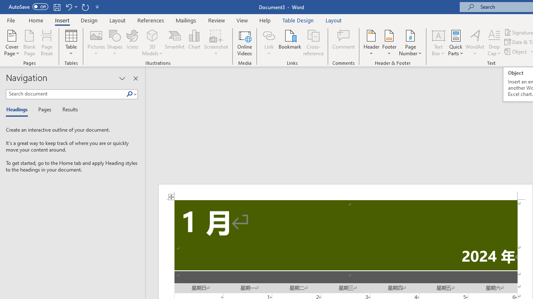 The image size is (533, 299). I want to click on '3D Models', so click(152, 43).